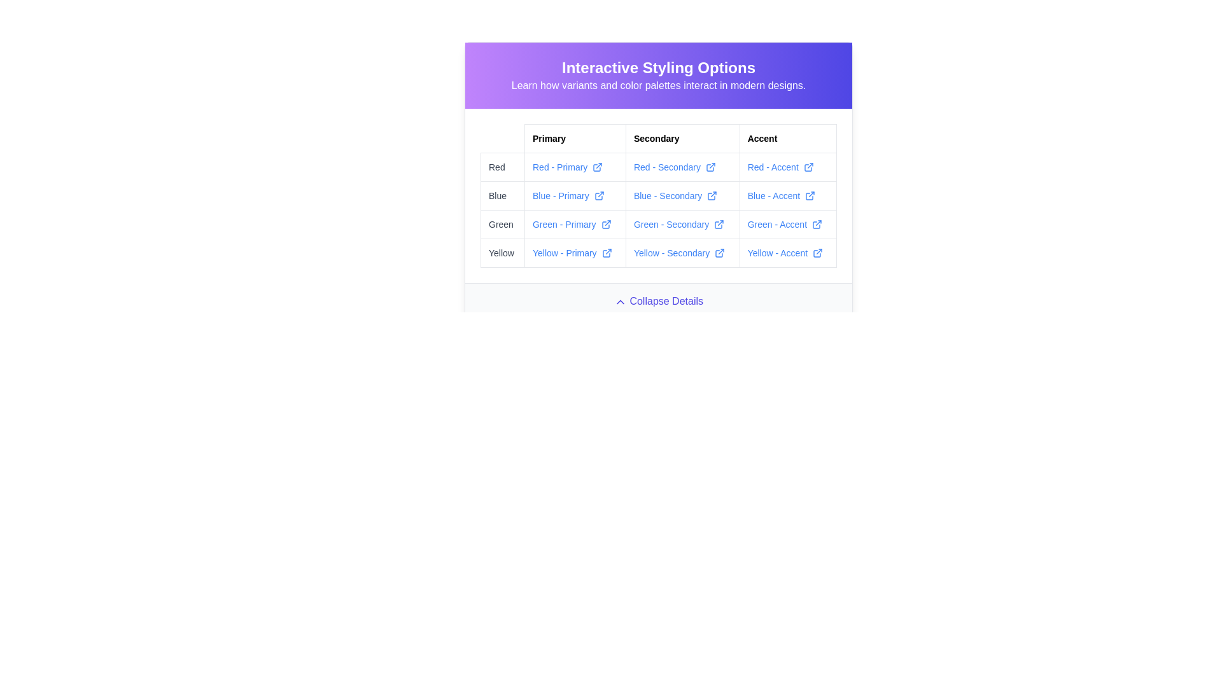 This screenshot has width=1222, height=687. I want to click on the external link icon located in the 'Primary' column and 'Green' row of the table, so click(605, 224).